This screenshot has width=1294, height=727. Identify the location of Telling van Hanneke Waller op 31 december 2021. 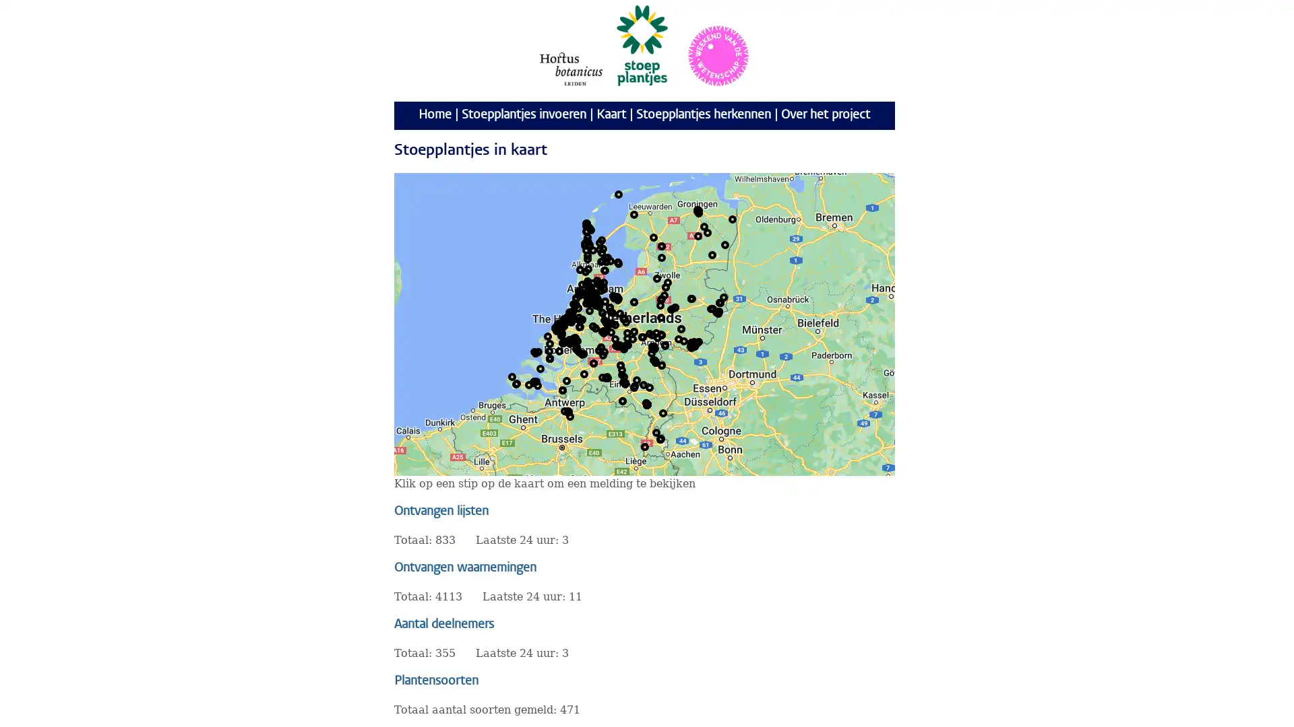
(601, 312).